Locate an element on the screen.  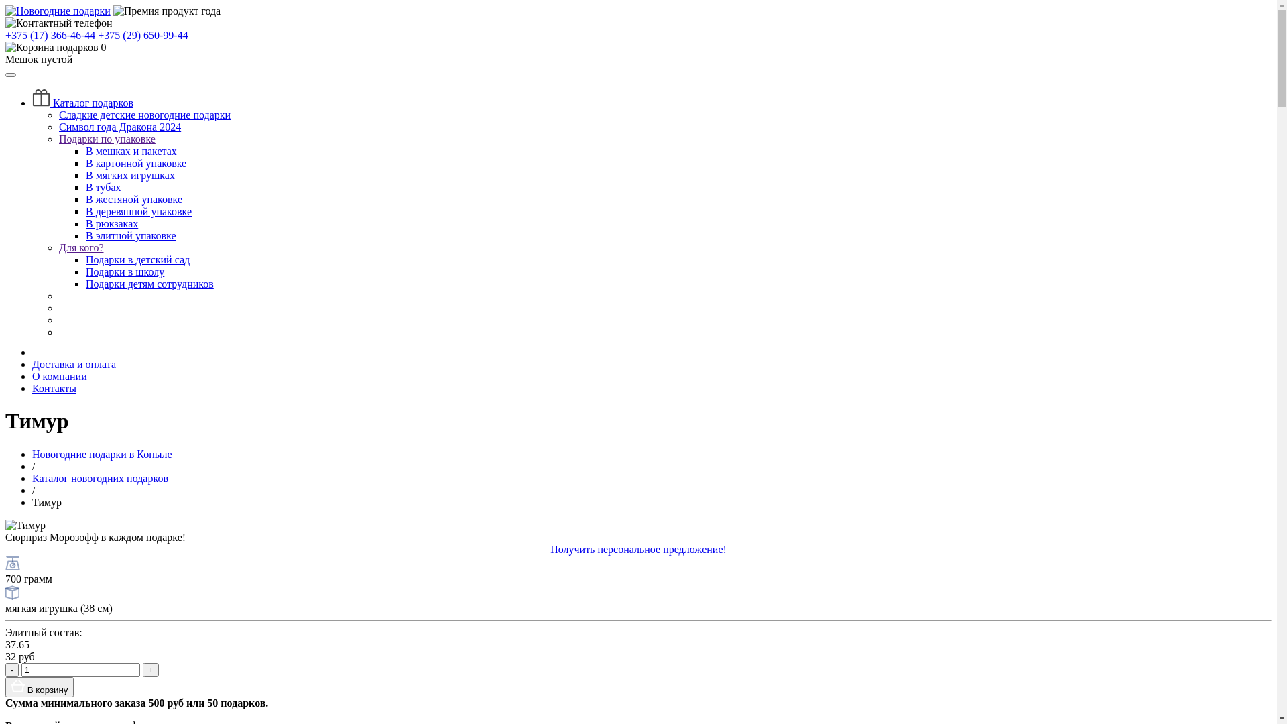
'+' is located at coordinates (151, 670).